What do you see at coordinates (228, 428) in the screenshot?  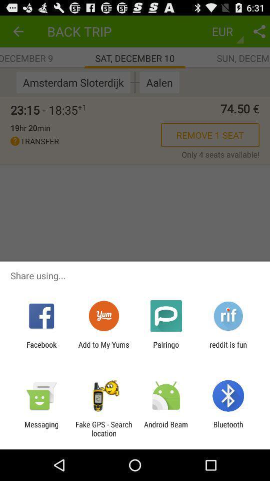 I see `the item next to the android beam item` at bounding box center [228, 428].